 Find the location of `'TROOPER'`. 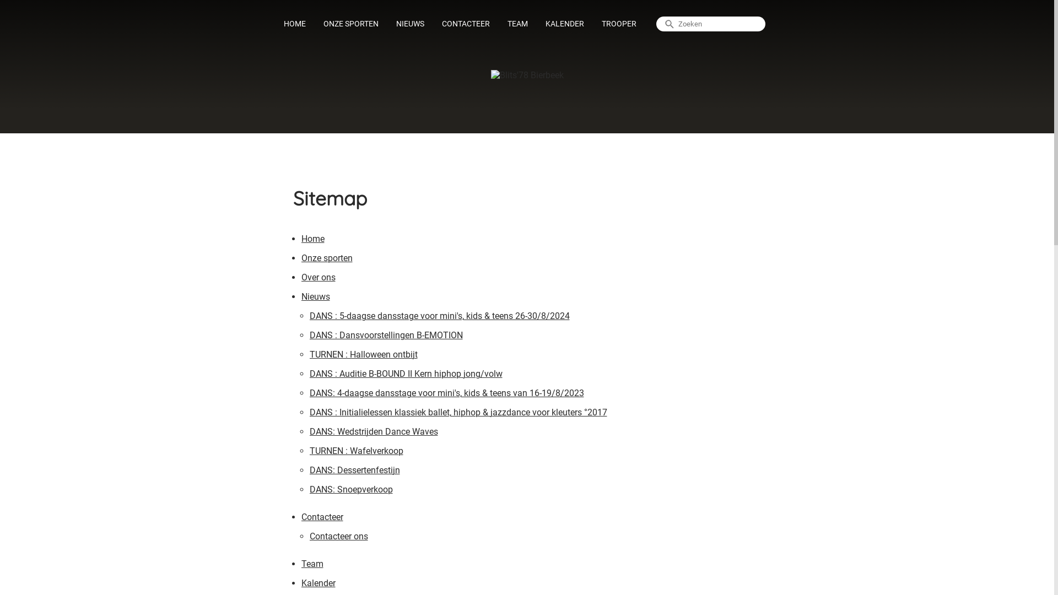

'TROOPER' is located at coordinates (619, 24).